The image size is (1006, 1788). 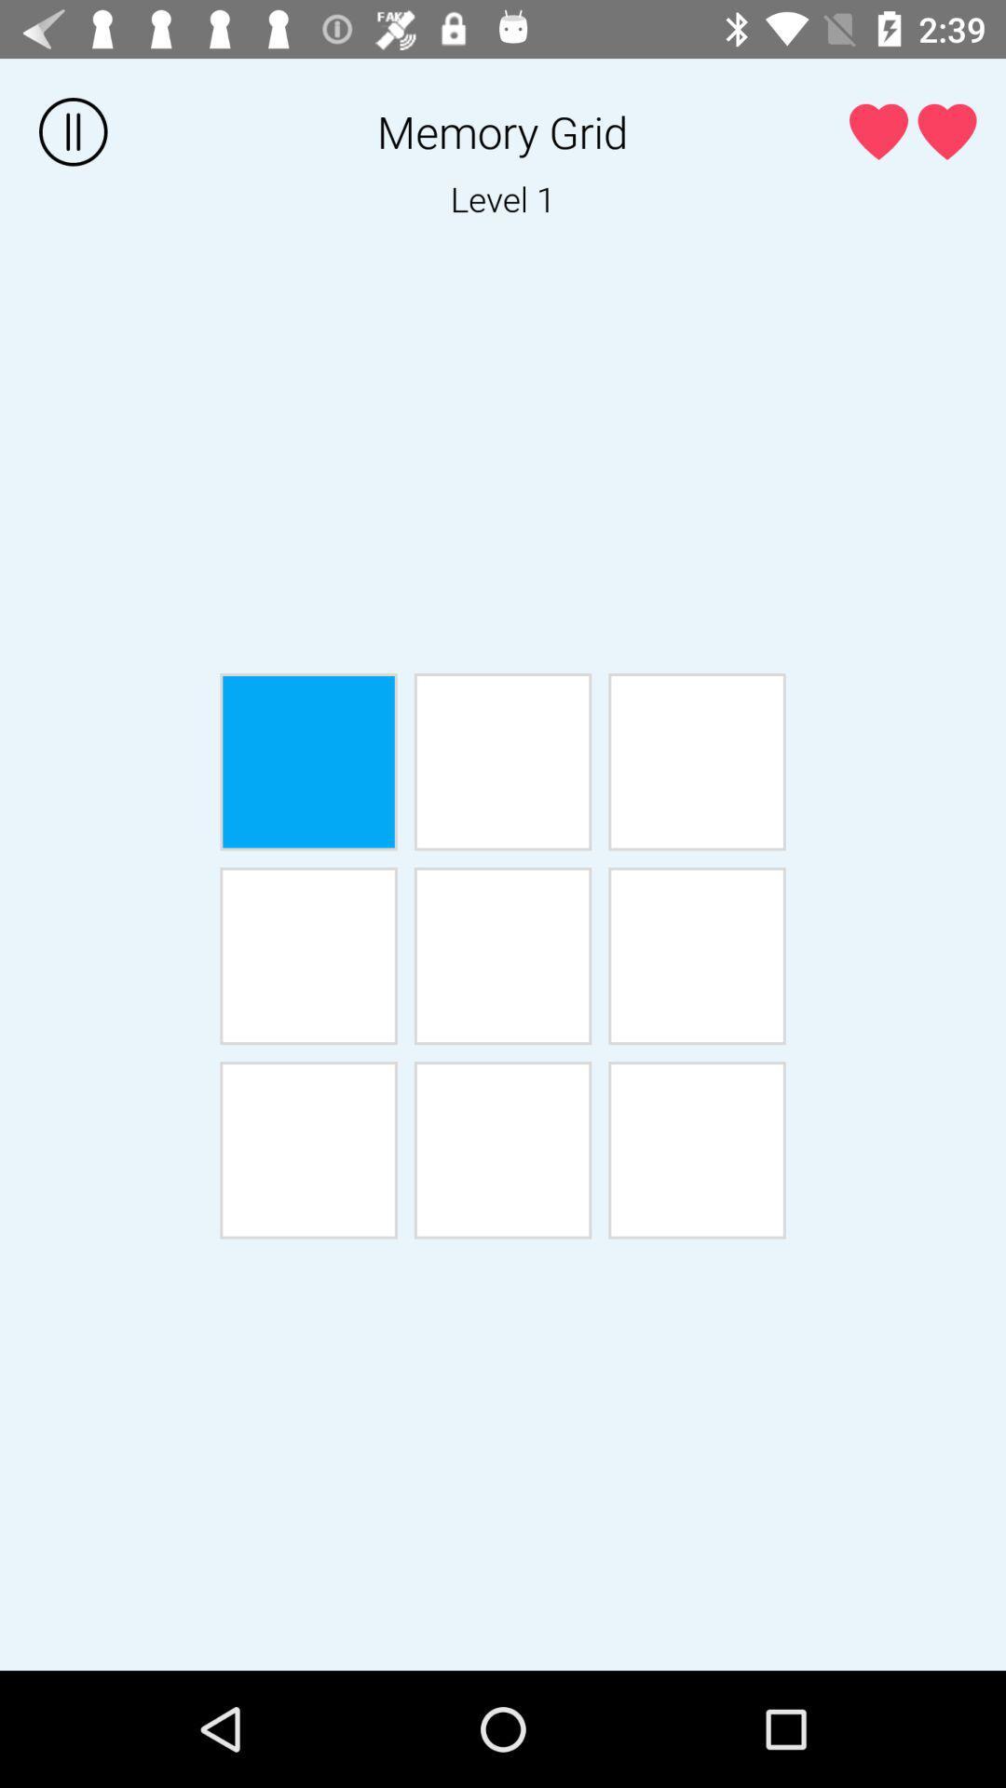 What do you see at coordinates (697, 762) in the screenshot?
I see `square` at bounding box center [697, 762].